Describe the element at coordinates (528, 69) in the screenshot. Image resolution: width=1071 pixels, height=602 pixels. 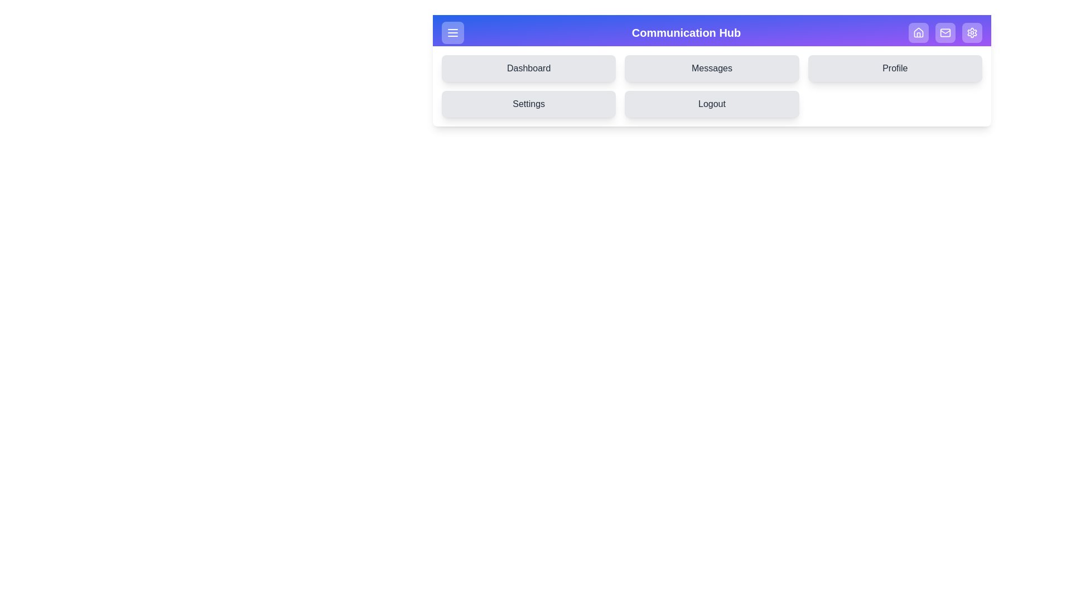
I see `the 'Dashboard' button to open the Dashboard section` at that location.